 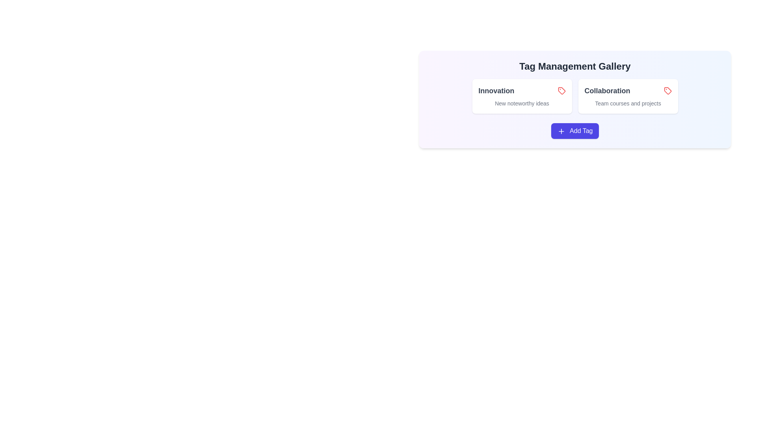 I want to click on the Text label indicating 'Collaboration' in the second card of the Tag Management Gallery section, so click(x=607, y=91).